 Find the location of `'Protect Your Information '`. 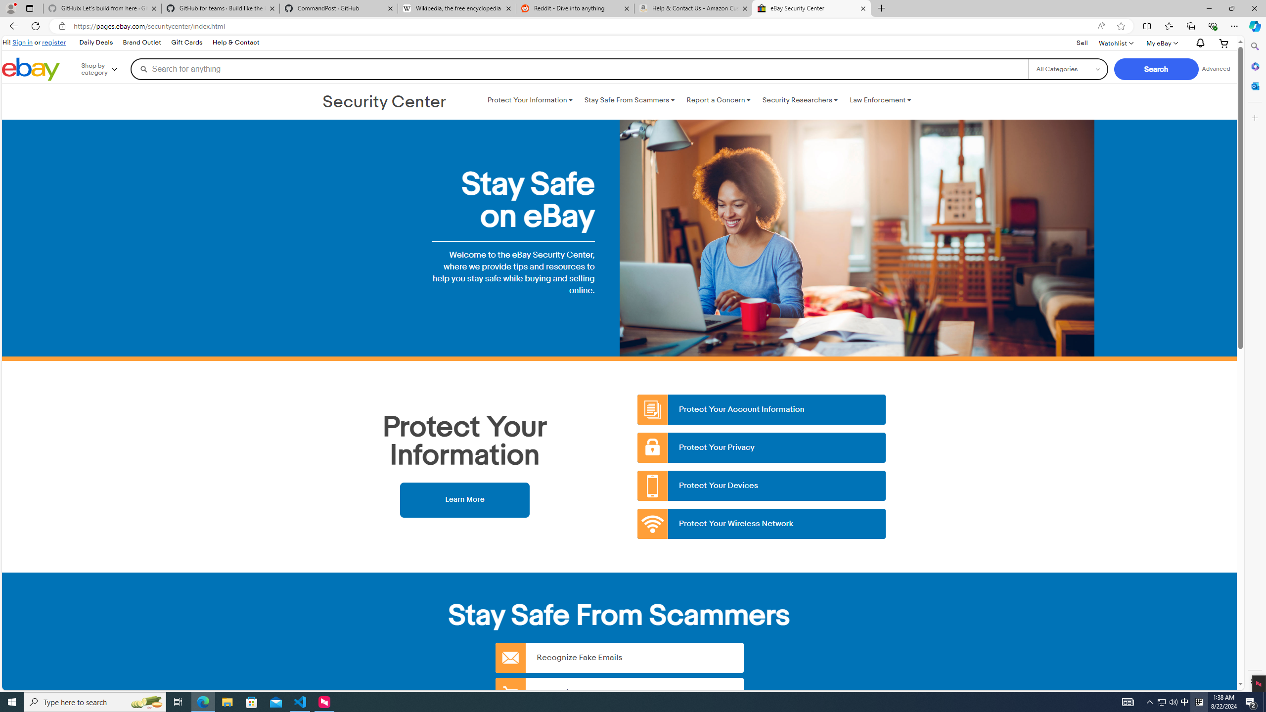

'Protect Your Information ' is located at coordinates (530, 100).